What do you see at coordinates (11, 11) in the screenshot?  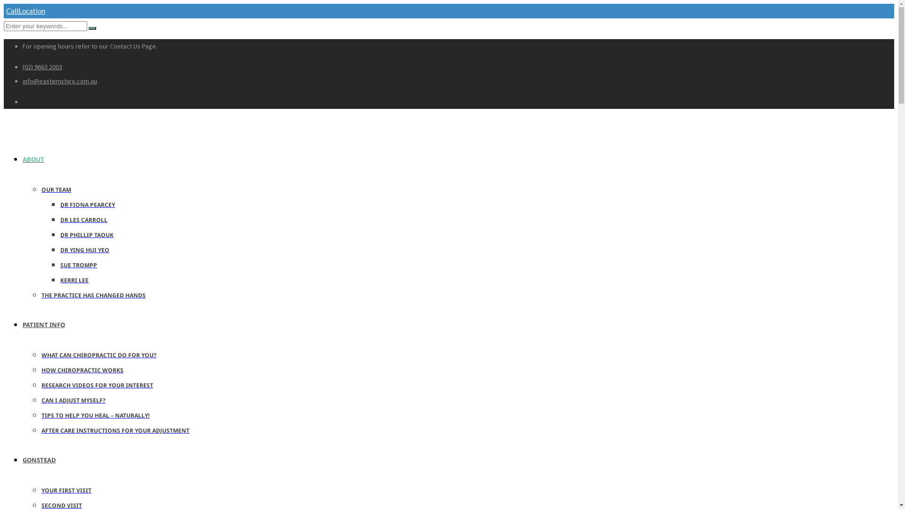 I see `'Call'` at bounding box center [11, 11].